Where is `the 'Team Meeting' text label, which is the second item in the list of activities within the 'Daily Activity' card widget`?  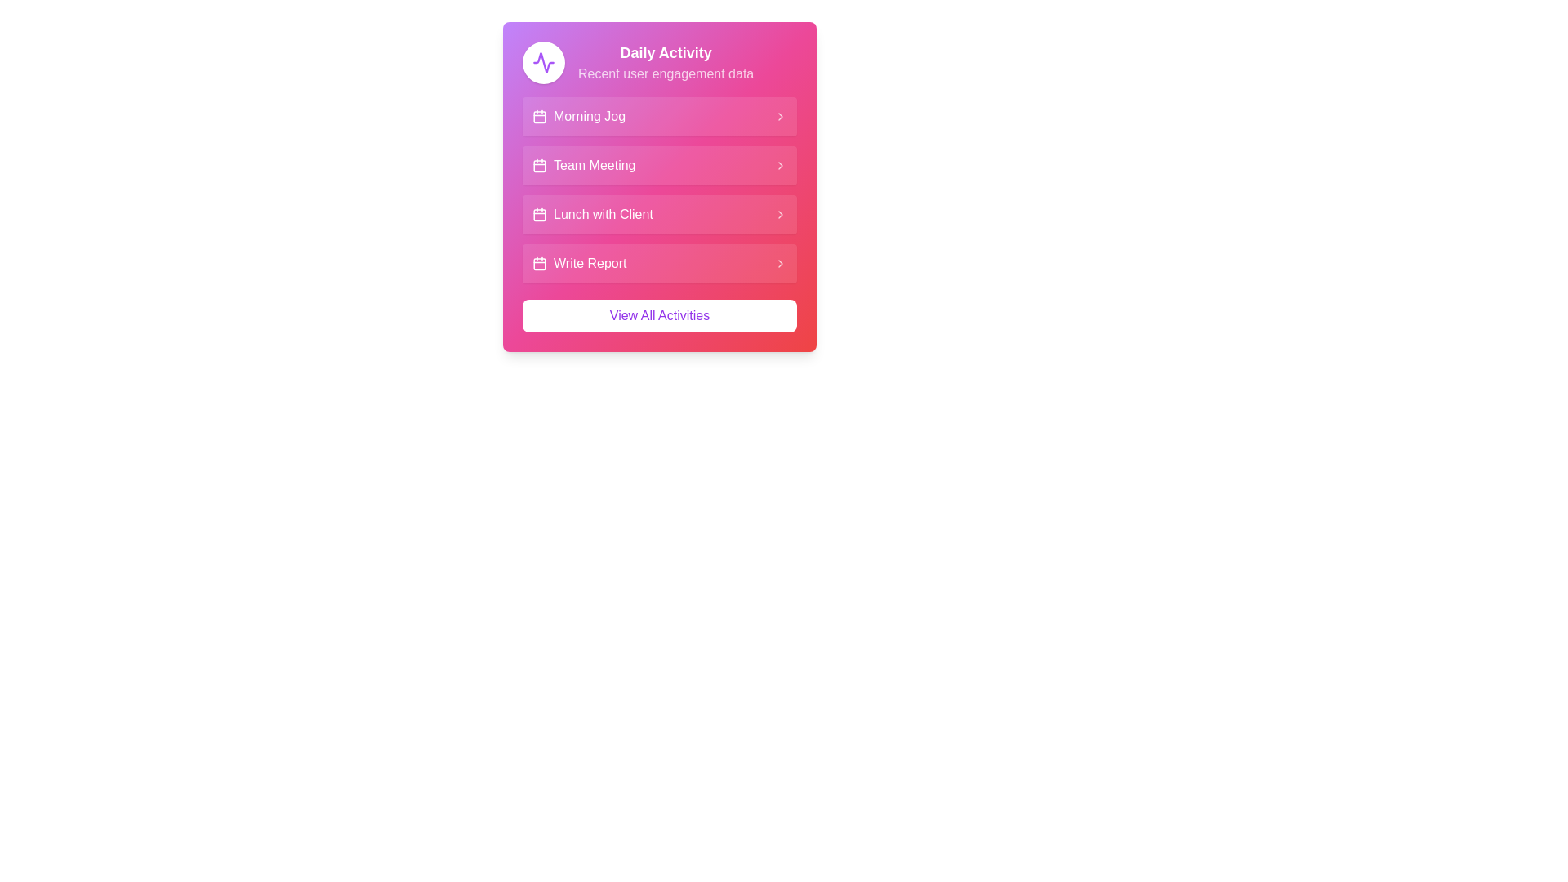
the 'Team Meeting' text label, which is the second item in the list of activities within the 'Daily Activity' card widget is located at coordinates (594, 166).